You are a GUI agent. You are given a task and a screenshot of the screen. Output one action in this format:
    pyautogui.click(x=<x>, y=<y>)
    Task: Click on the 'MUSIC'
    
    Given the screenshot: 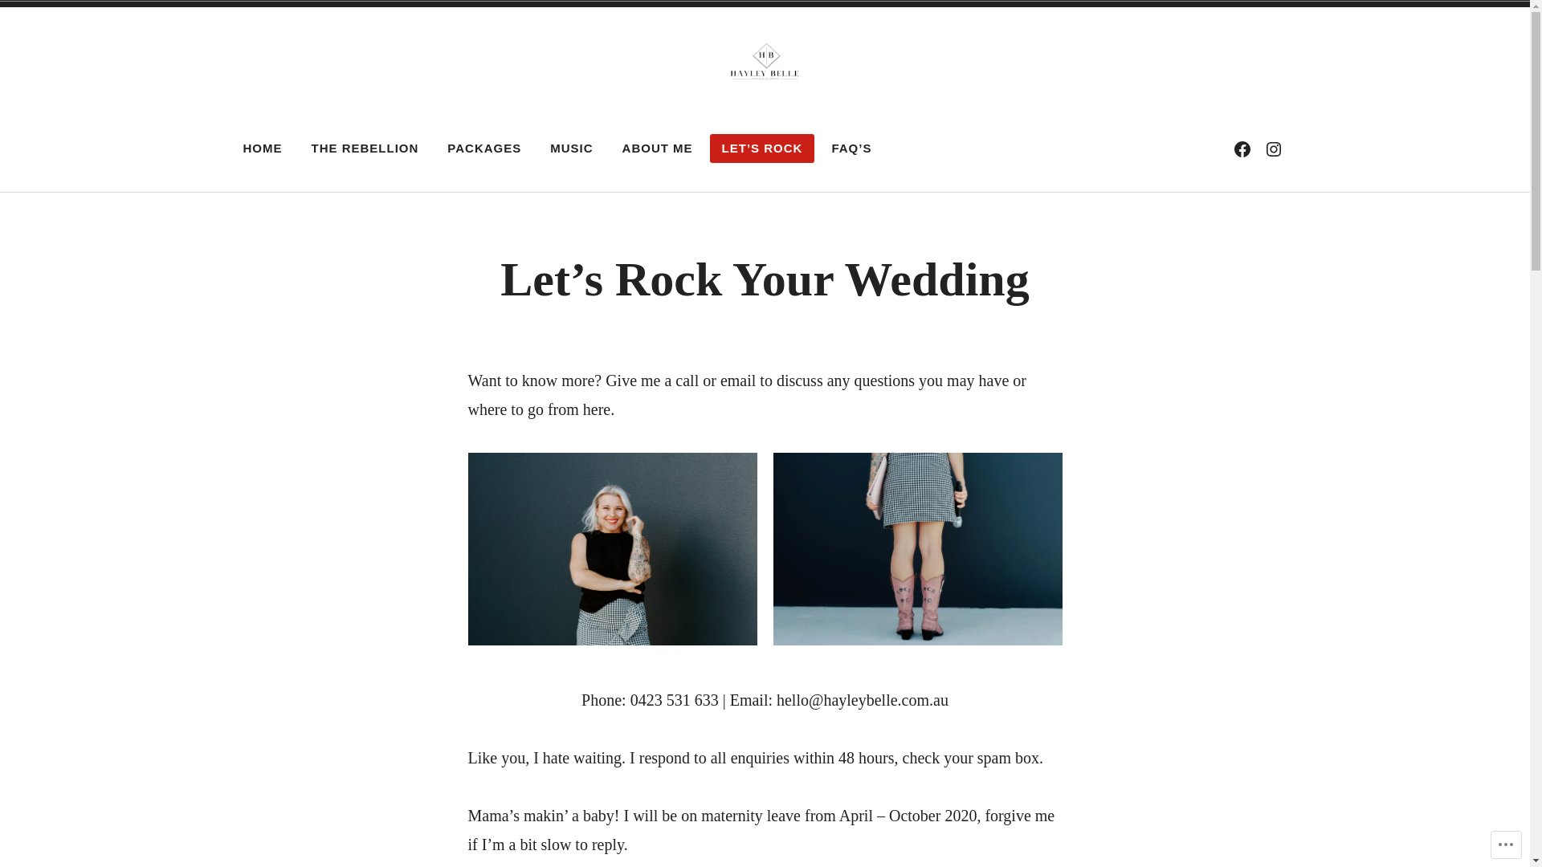 What is the action you would take?
    pyautogui.click(x=571, y=149)
    